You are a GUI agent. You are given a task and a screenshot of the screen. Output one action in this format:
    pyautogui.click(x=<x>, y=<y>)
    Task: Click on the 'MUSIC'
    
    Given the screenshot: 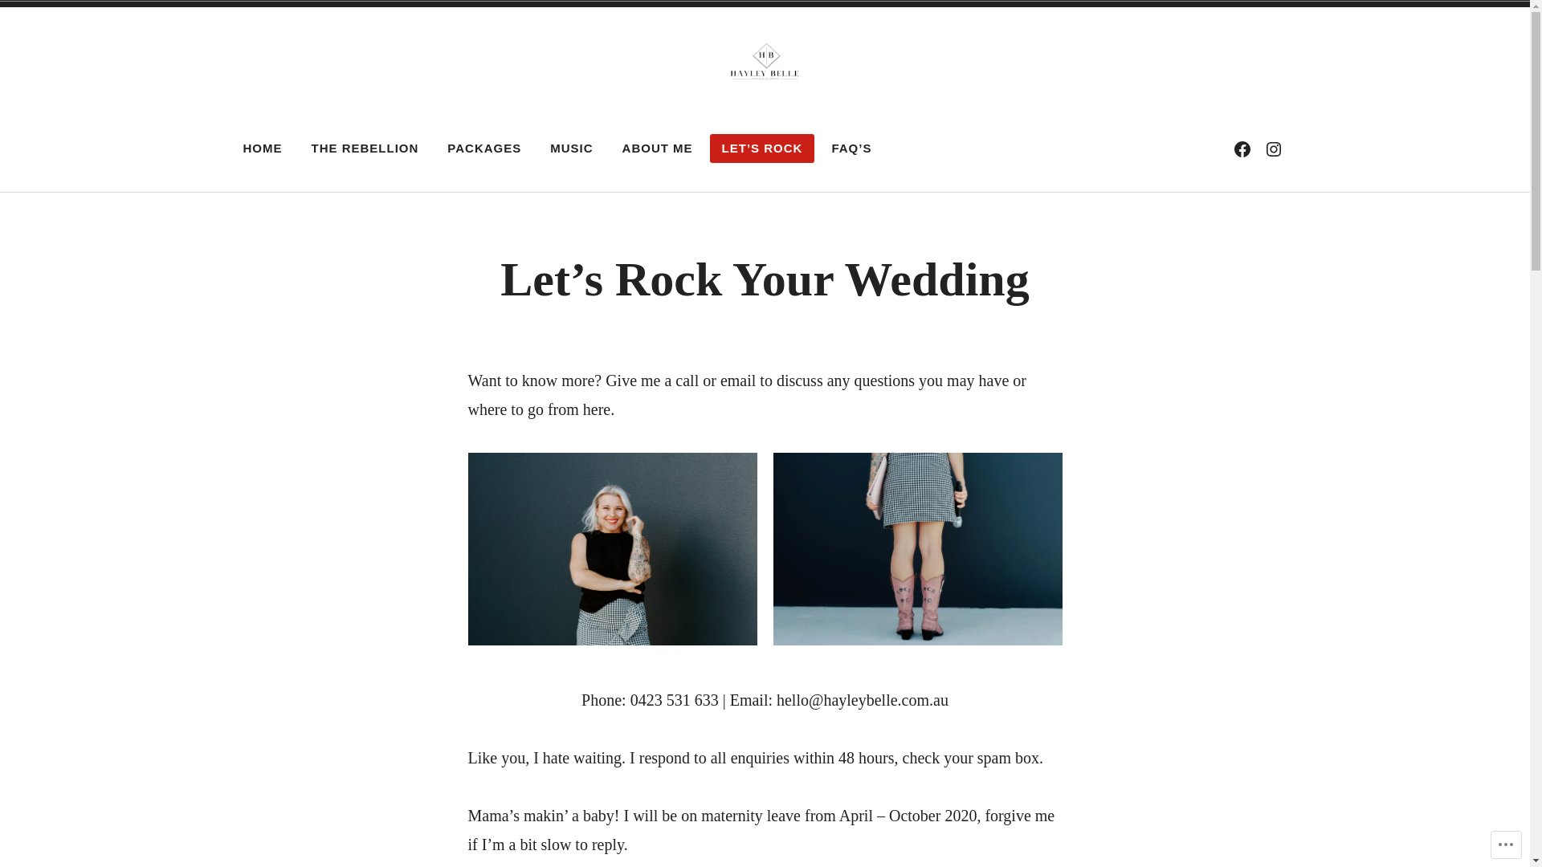 What is the action you would take?
    pyautogui.click(x=571, y=149)
    